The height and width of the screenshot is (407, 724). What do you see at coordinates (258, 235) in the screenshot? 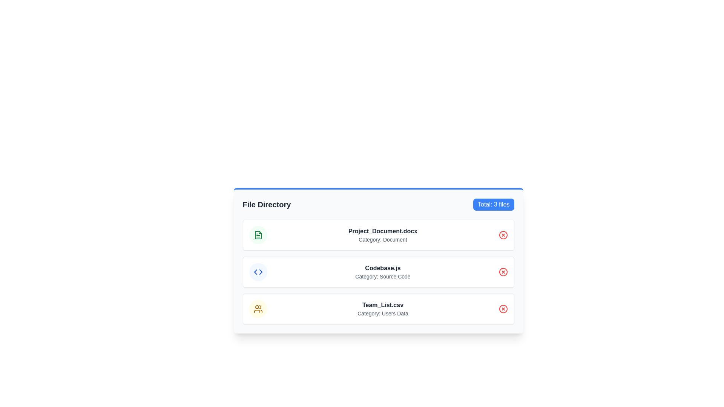
I see `the circular green icon with a document symbol located next to the title 'Project_Document.docx' in the 'File Directory' card` at bounding box center [258, 235].